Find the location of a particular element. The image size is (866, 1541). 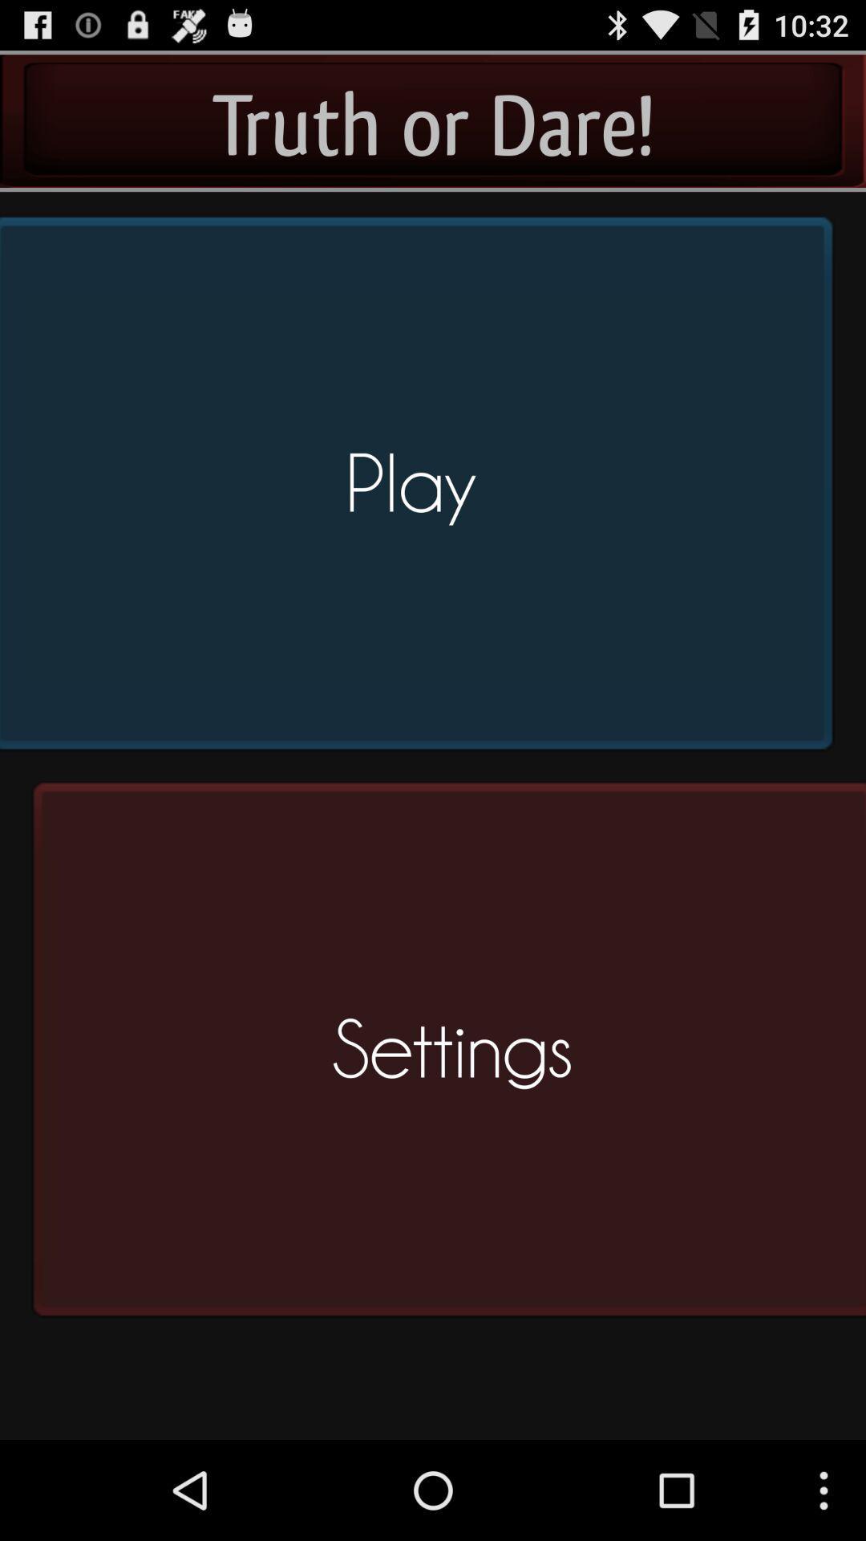

the item below play button is located at coordinates (443, 1056).